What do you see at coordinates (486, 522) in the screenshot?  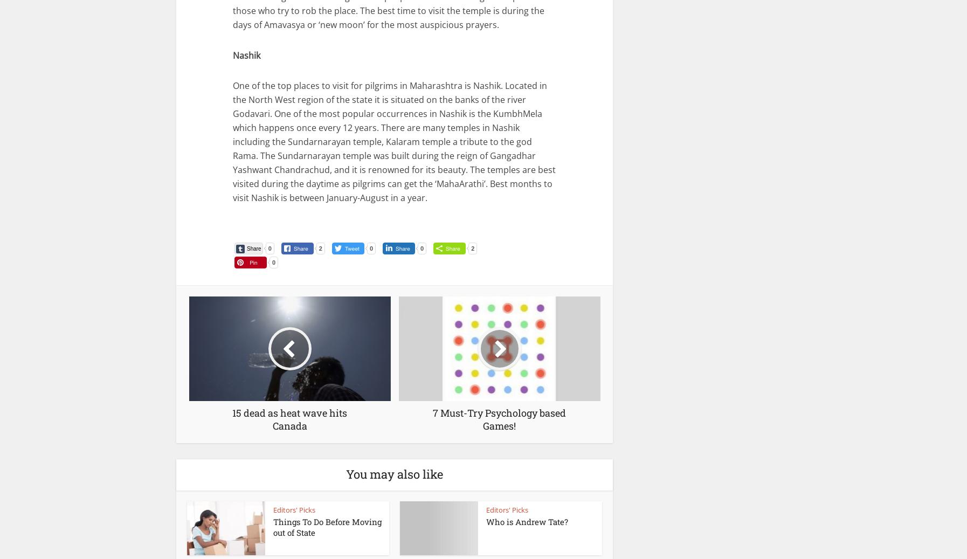 I see `'Who is Andrew Tate?'` at bounding box center [486, 522].